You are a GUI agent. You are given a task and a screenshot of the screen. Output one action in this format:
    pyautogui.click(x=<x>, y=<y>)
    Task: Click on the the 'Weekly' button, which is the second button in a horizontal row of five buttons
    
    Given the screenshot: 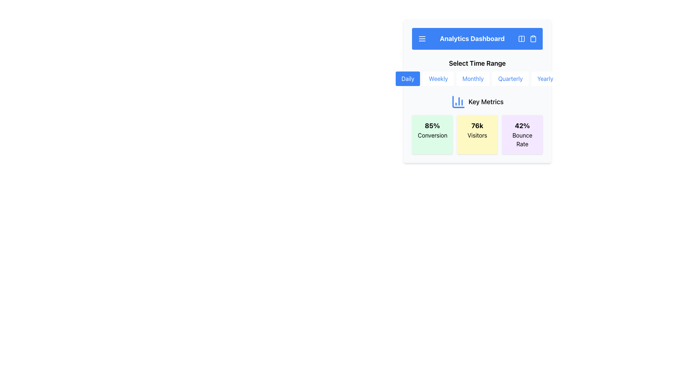 What is the action you would take?
    pyautogui.click(x=438, y=78)
    